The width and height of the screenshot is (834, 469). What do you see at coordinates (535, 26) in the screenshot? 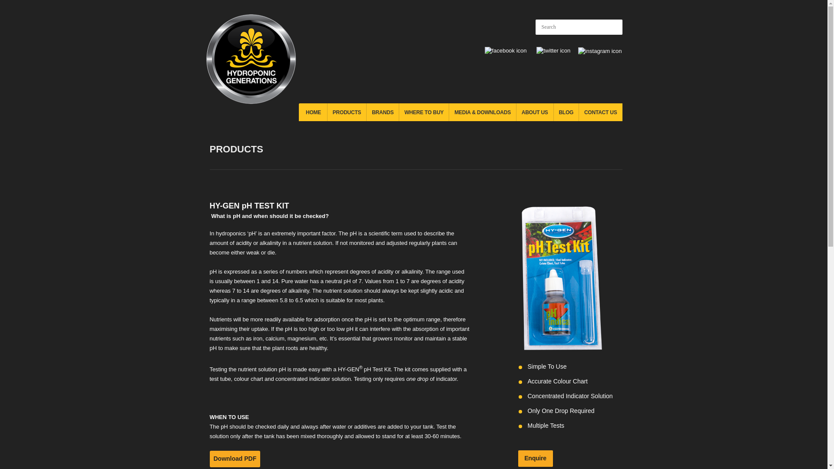
I see `'Search for:'` at bounding box center [535, 26].